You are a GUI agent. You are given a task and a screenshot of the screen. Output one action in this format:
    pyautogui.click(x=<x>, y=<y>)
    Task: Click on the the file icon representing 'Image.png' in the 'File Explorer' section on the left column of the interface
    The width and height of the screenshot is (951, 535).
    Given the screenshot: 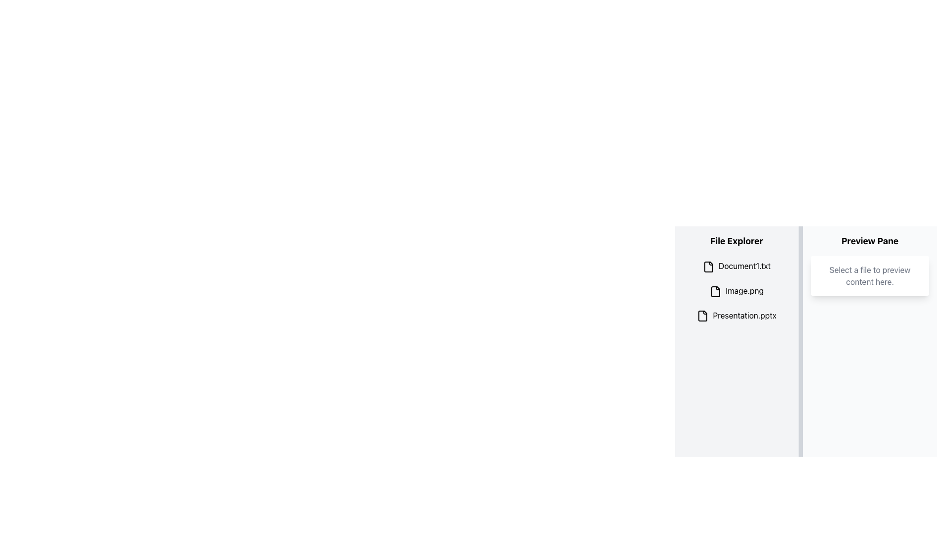 What is the action you would take?
    pyautogui.click(x=716, y=291)
    